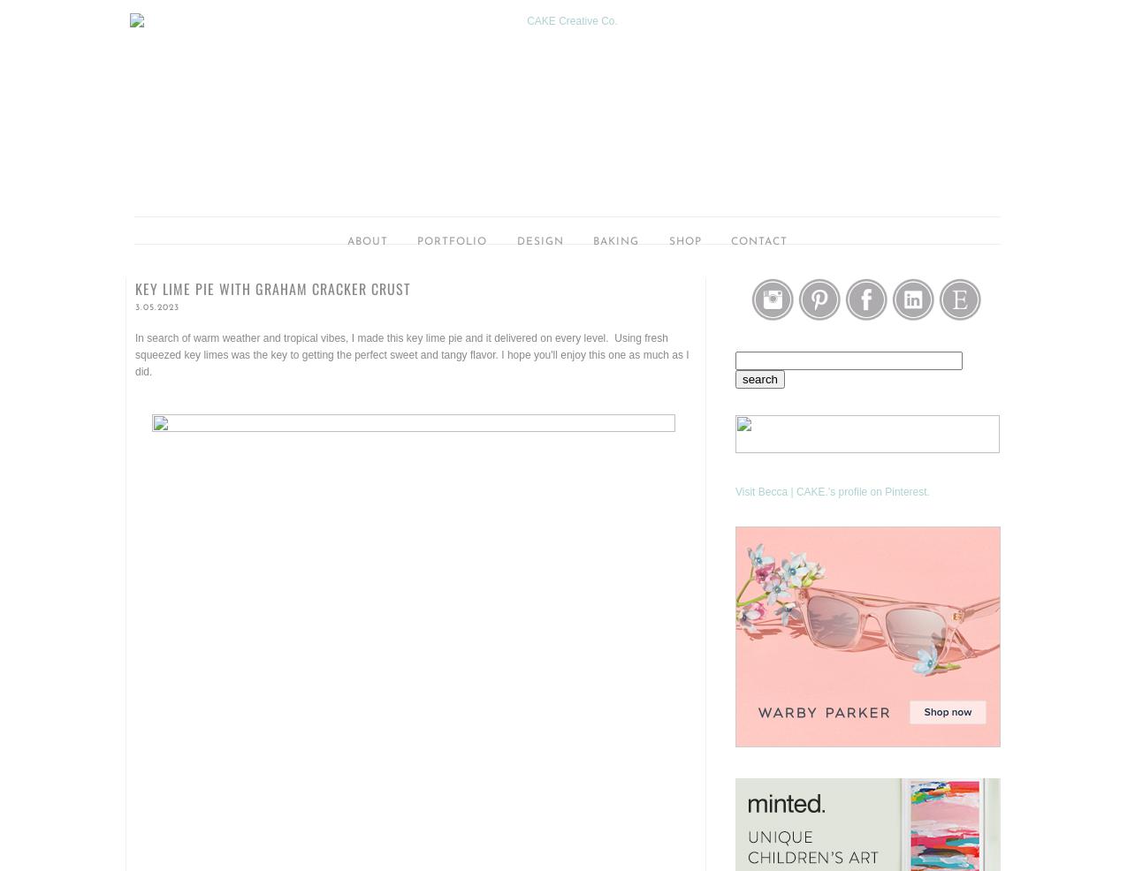 Image resolution: width=1135 pixels, height=871 pixels. Describe the element at coordinates (728, 242) in the screenshot. I see `'Contact'` at that location.